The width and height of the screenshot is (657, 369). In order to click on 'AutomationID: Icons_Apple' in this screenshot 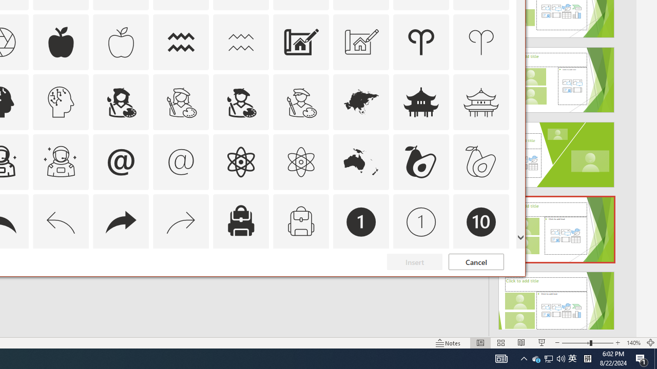, I will do `click(61, 42)`.